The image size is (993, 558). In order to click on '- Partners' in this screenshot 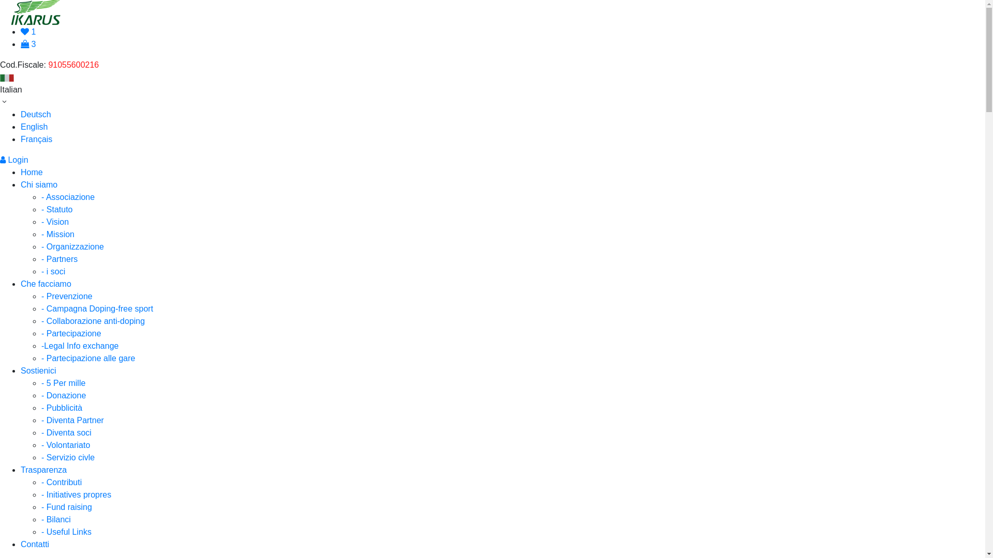, I will do `click(59, 258)`.